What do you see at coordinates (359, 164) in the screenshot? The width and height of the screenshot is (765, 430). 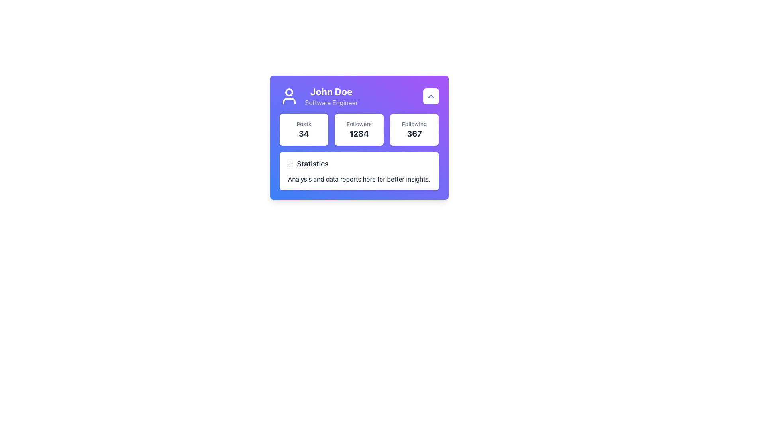 I see `'Statistics' text label with the bar chart icon for styling details` at bounding box center [359, 164].